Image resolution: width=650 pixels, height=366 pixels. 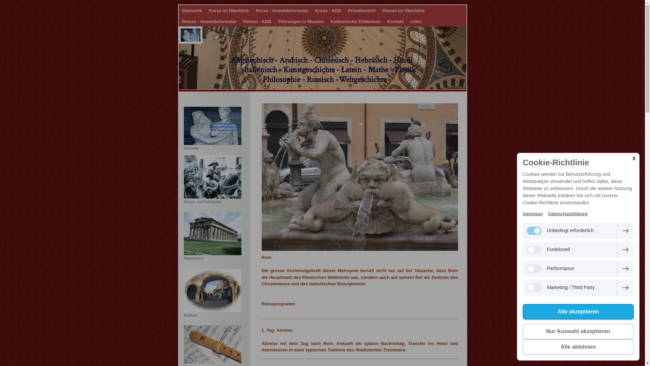 What do you see at coordinates (578, 331) in the screenshot?
I see `'Nur Auswahl akzeptieren'` at bounding box center [578, 331].